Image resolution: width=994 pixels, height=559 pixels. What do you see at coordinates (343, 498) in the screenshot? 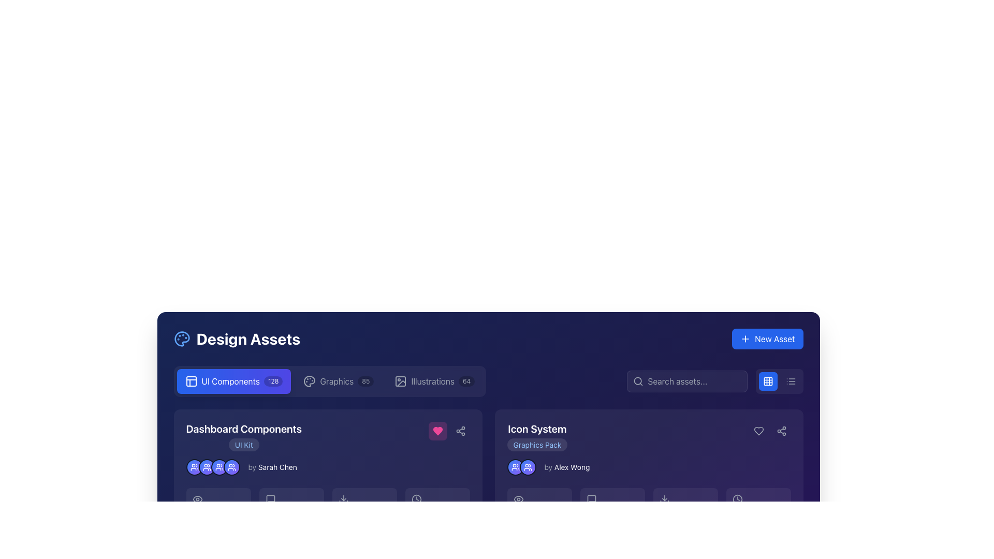
I see `the small gray download icon resembling an arrow pointing downward to initiate the download process` at bounding box center [343, 498].